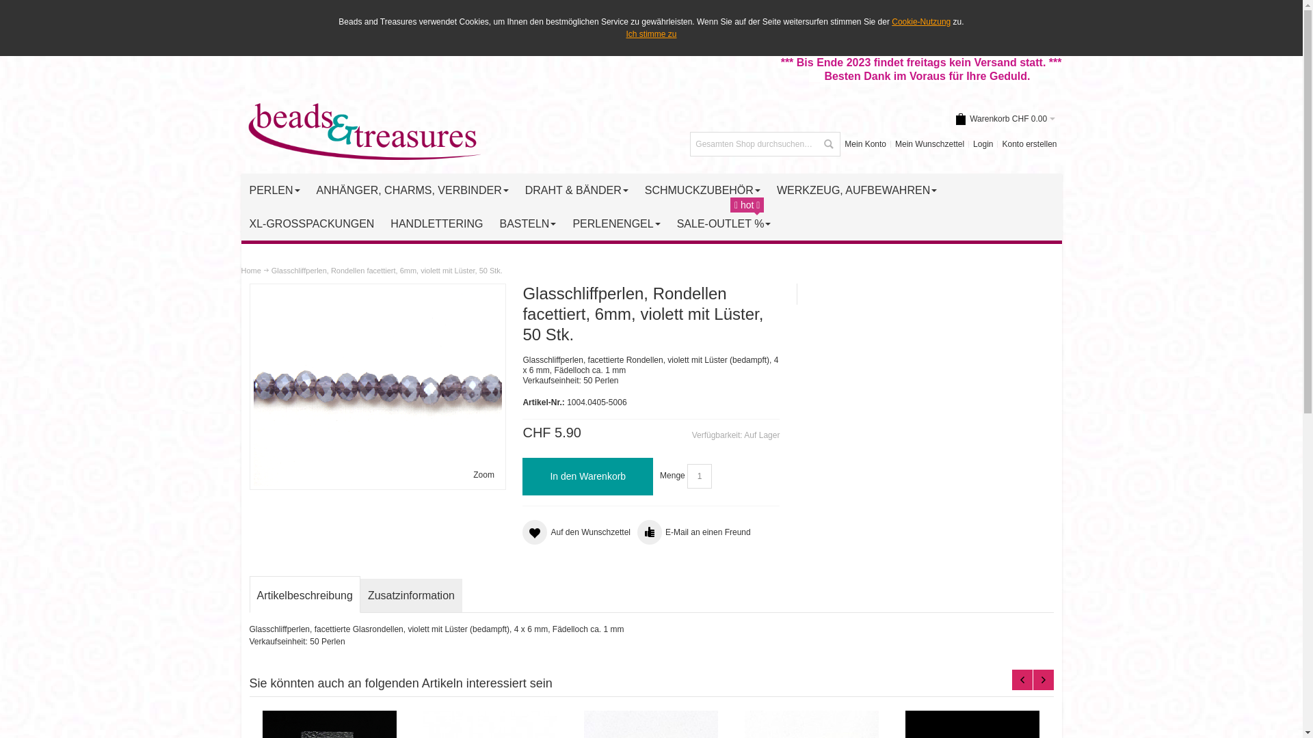  What do you see at coordinates (650, 33) in the screenshot?
I see `'Ich stimme zu'` at bounding box center [650, 33].